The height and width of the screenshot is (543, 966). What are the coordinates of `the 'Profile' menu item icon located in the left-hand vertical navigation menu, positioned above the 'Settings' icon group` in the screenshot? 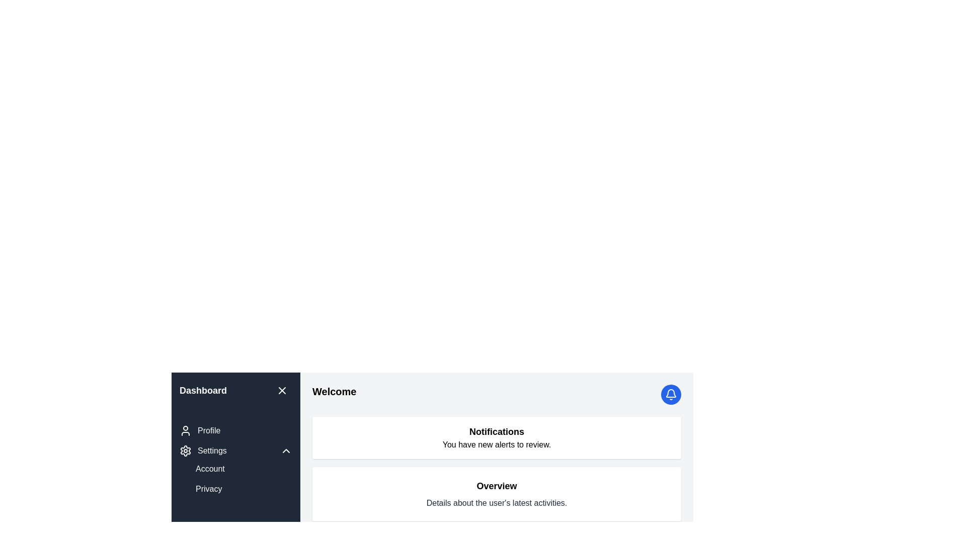 It's located at (186, 430).